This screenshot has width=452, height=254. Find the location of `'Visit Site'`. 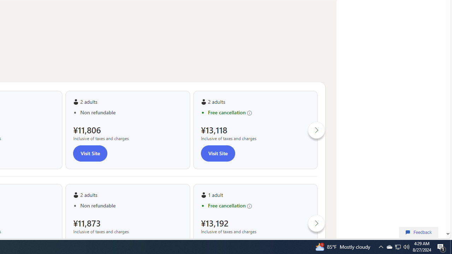

'Visit Site' is located at coordinates (217, 153).